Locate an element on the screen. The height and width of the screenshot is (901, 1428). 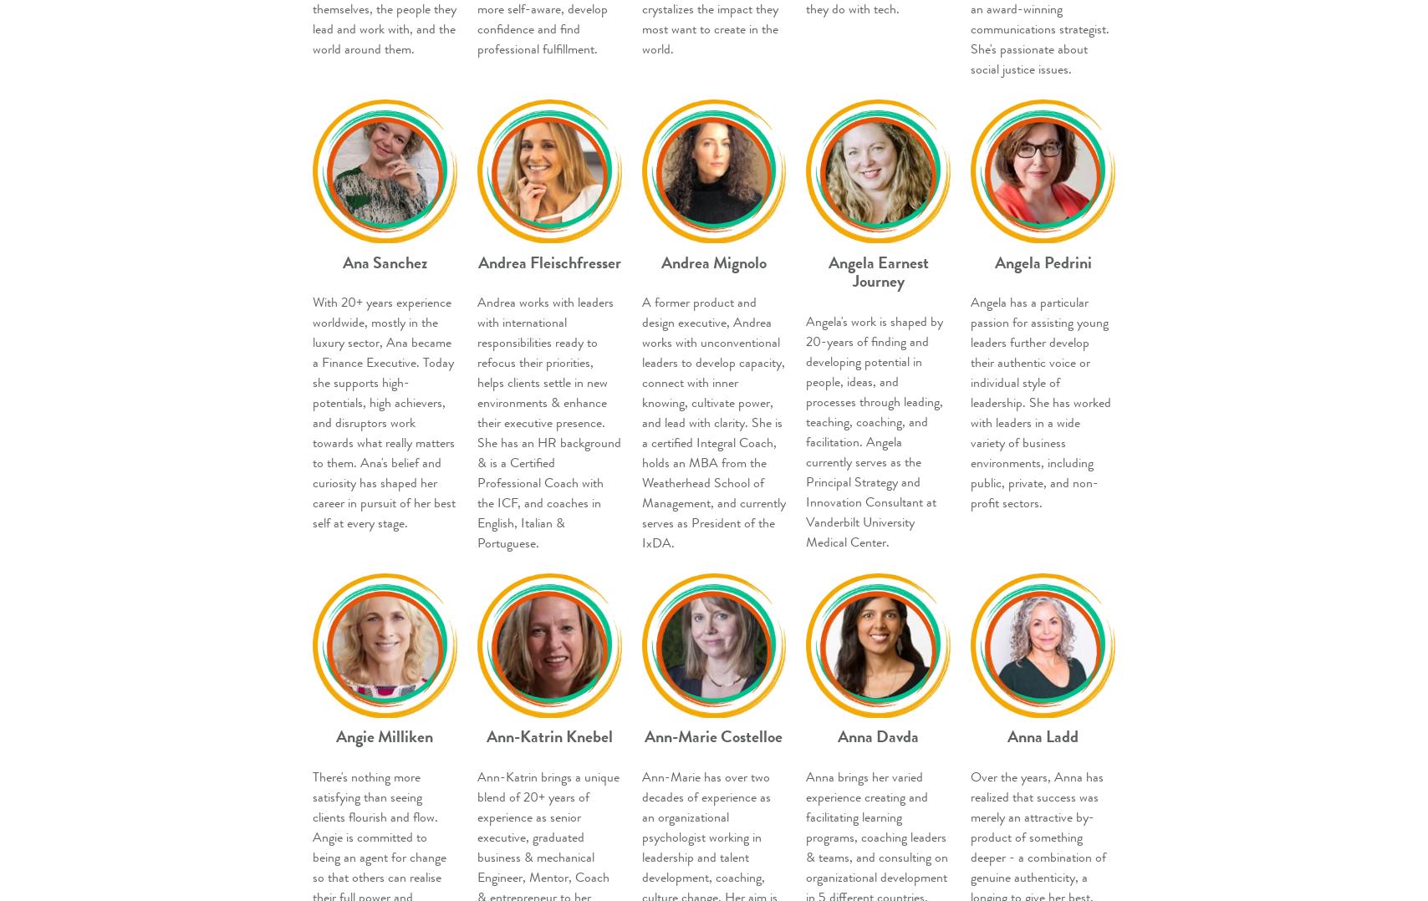
'A former product and design executive, Andrea works with unconventional leaders to develop capacity, connect with inner knowing, cultivate power, and lead with clarity. She is a certified Integral Coach, holds an MBA from the Weatherhead School of Management, and currently serves as President of the IxDA.' is located at coordinates (712, 423).